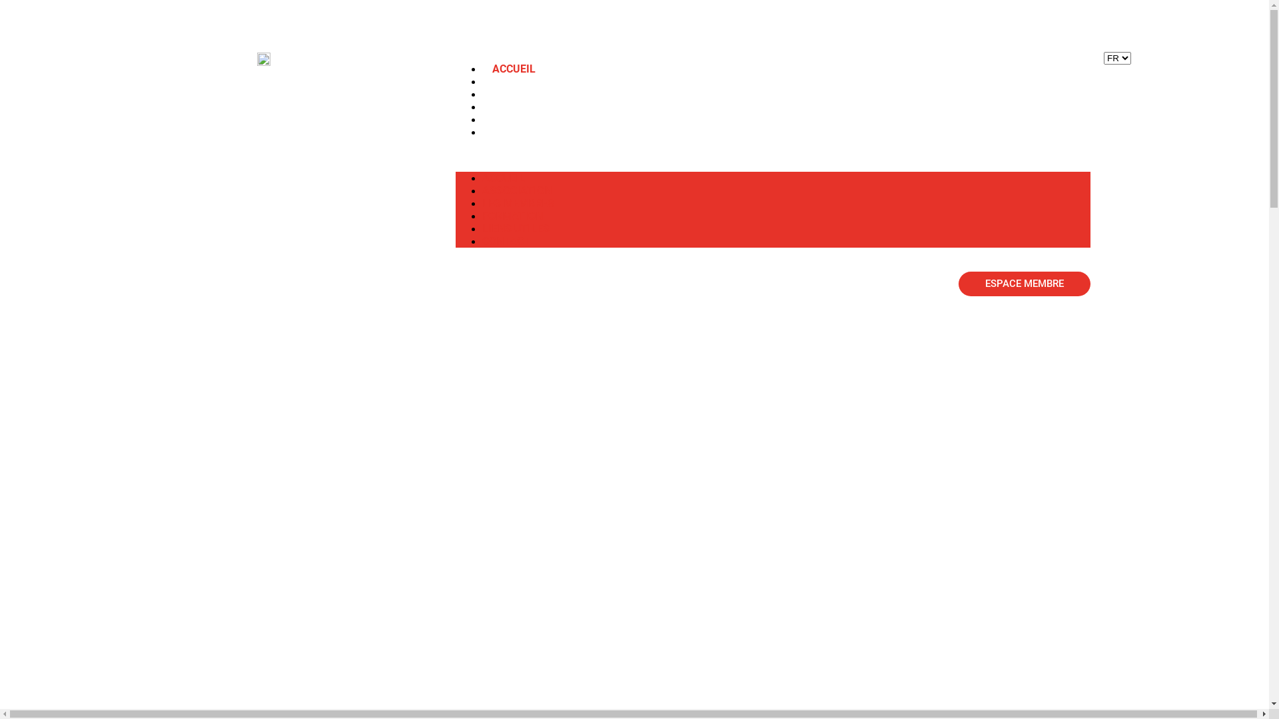  Describe the element at coordinates (505, 241) in the screenshot. I see `'CONTACT'` at that location.